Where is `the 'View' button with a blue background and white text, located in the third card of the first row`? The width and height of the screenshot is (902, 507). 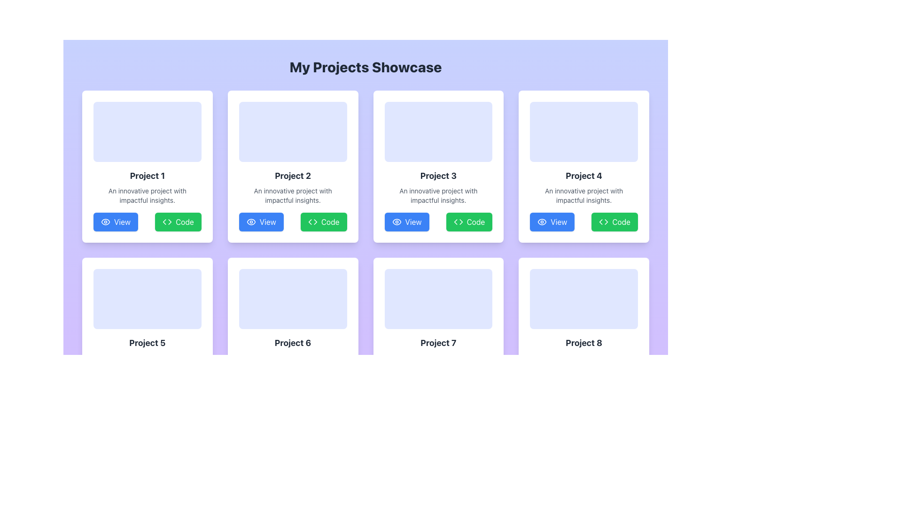 the 'View' button with a blue background and white text, located in the third card of the first row is located at coordinates (406, 222).